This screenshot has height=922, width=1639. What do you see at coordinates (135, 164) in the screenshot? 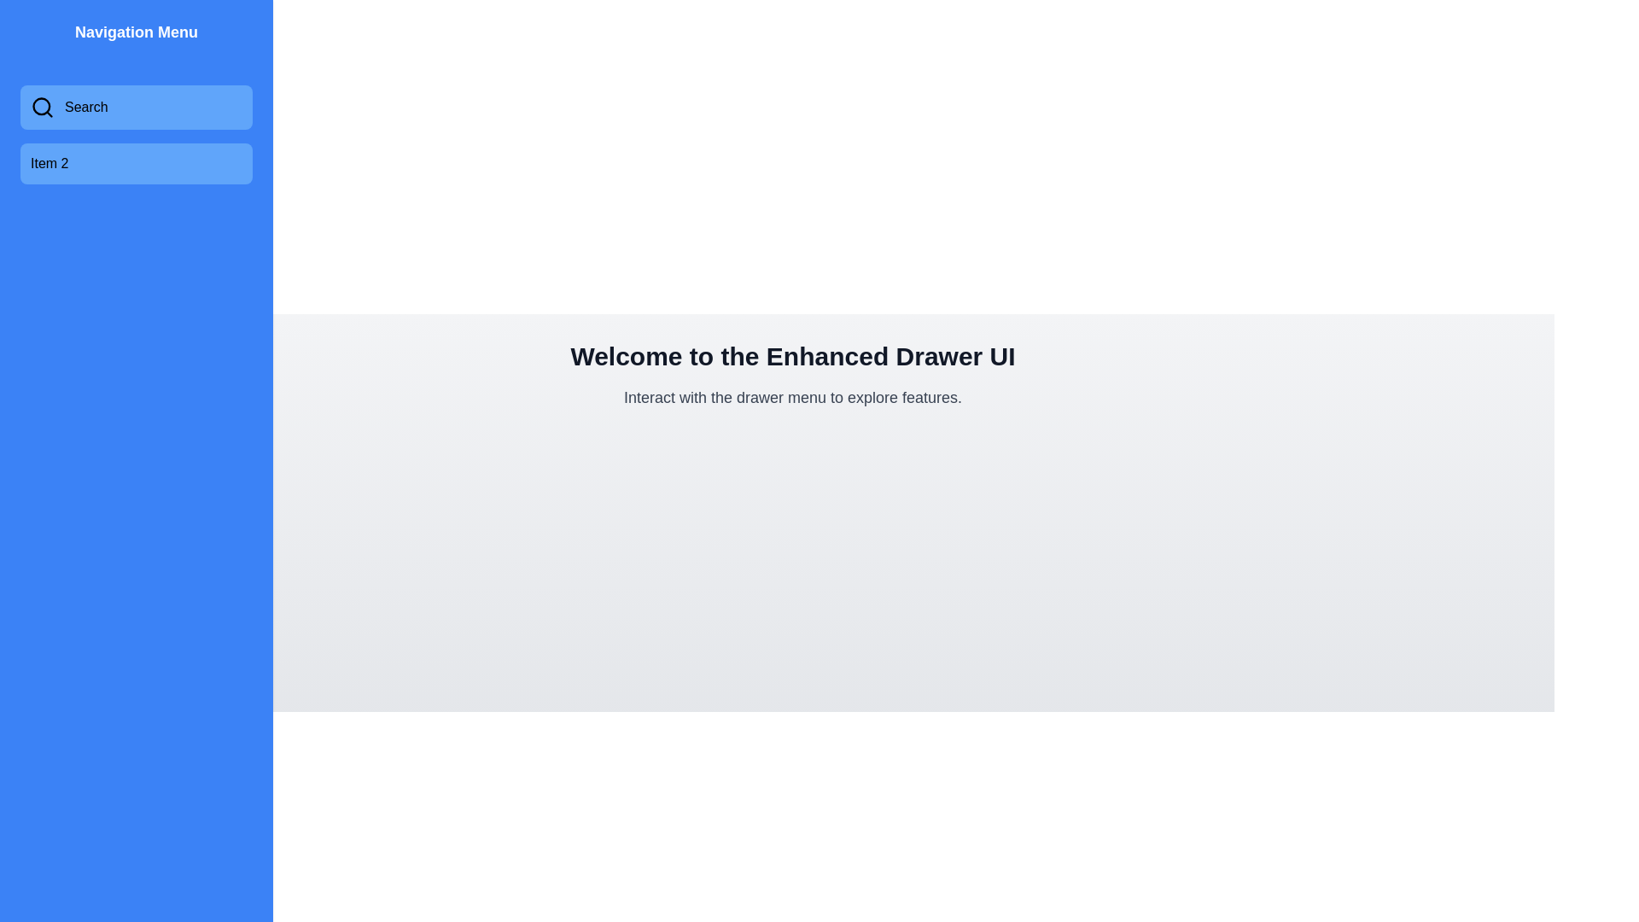
I see `the 'Item 2' option in the drawer` at bounding box center [135, 164].